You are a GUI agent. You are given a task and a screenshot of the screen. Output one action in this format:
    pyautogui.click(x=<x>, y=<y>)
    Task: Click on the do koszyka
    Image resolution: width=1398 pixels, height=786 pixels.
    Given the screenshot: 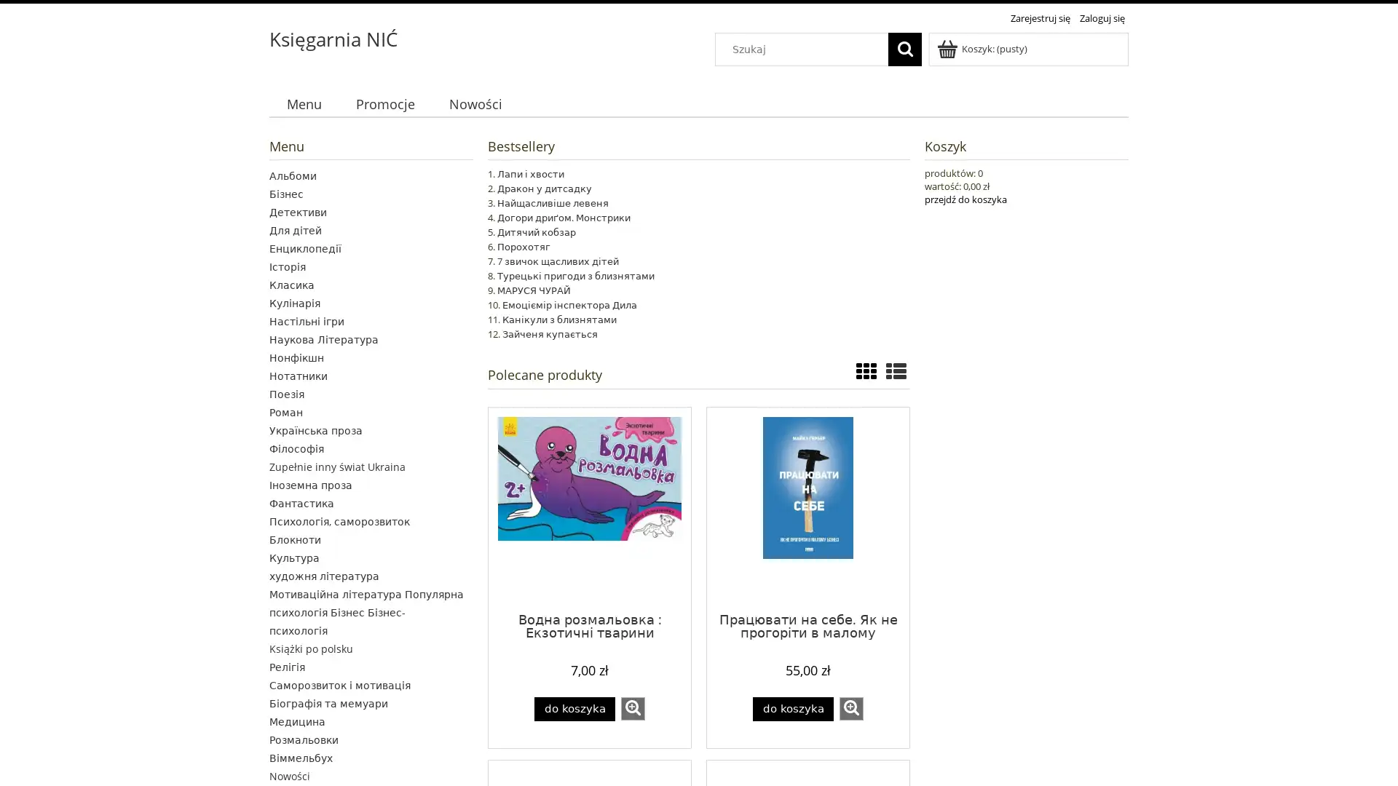 What is the action you would take?
    pyautogui.click(x=792, y=708)
    